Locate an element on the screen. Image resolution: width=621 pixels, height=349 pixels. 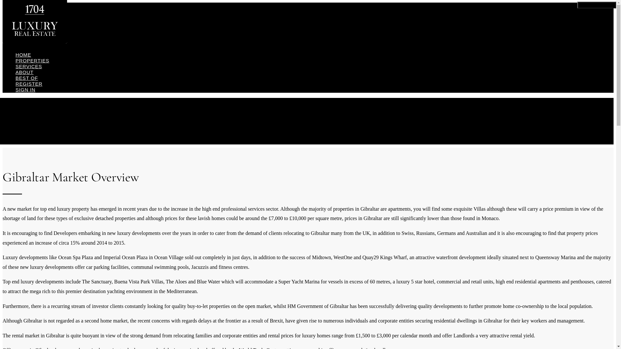
'HOME' is located at coordinates (23, 54).